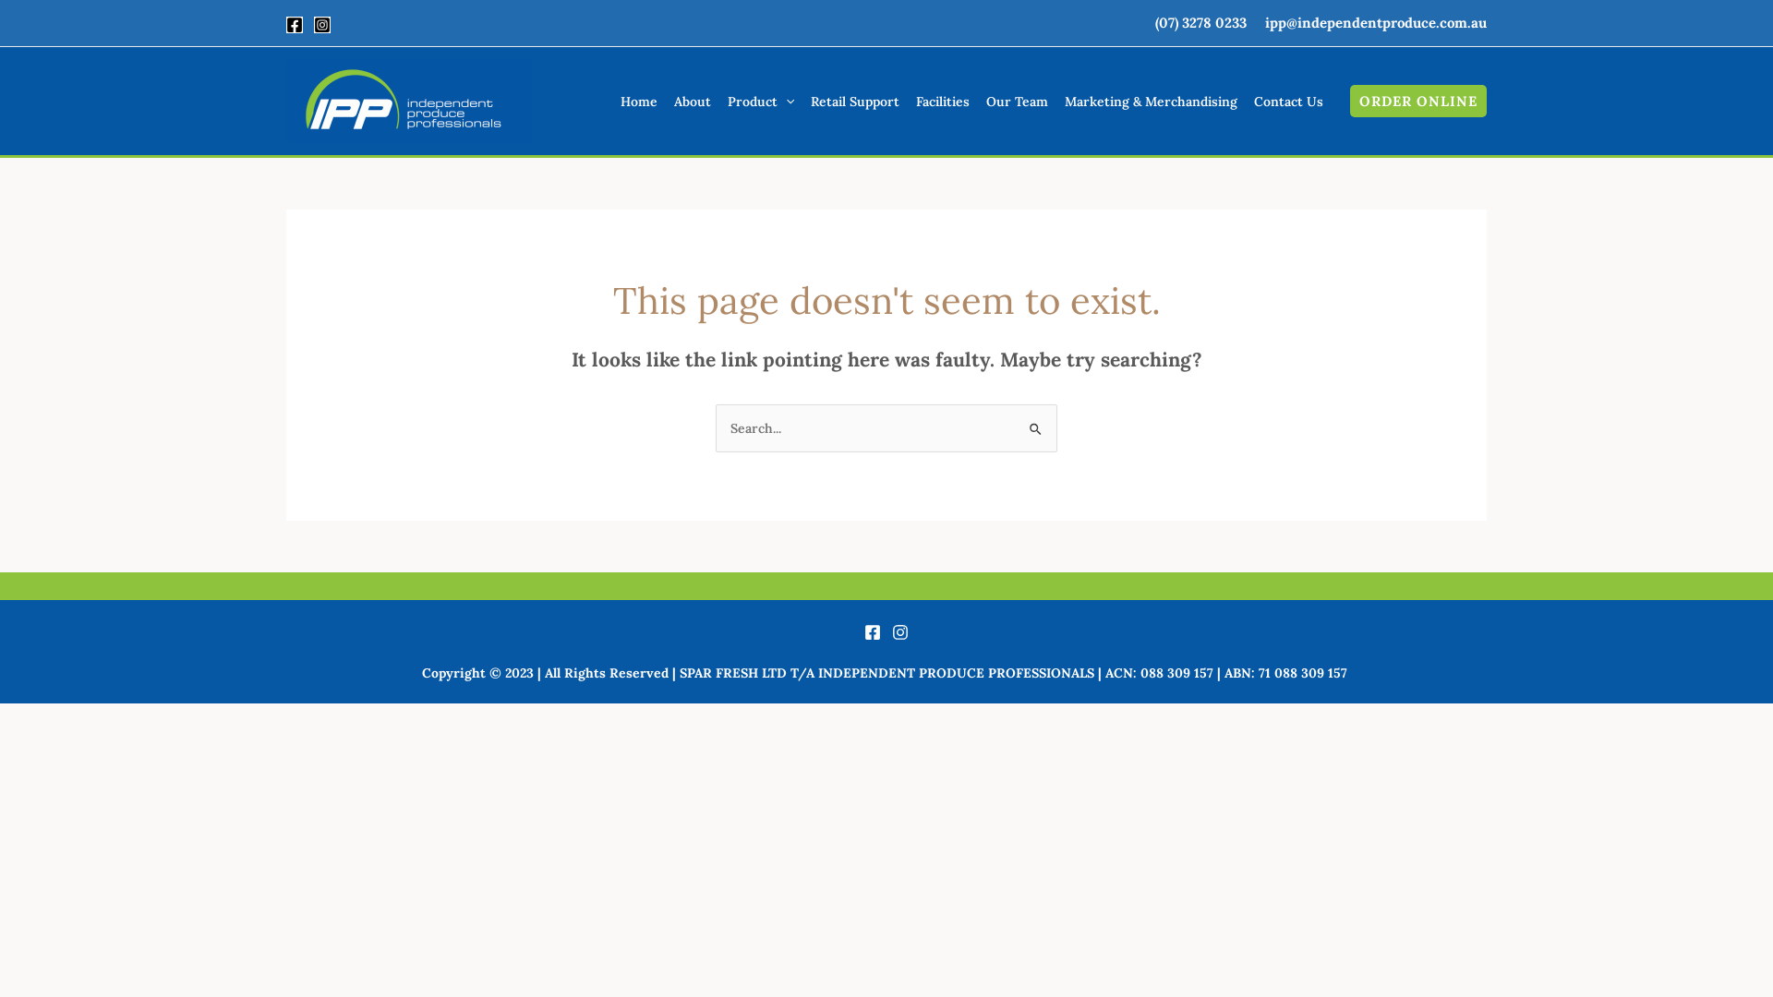 This screenshot has height=997, width=1773. What do you see at coordinates (1055, 102) in the screenshot?
I see `'Marketing & Merchandising'` at bounding box center [1055, 102].